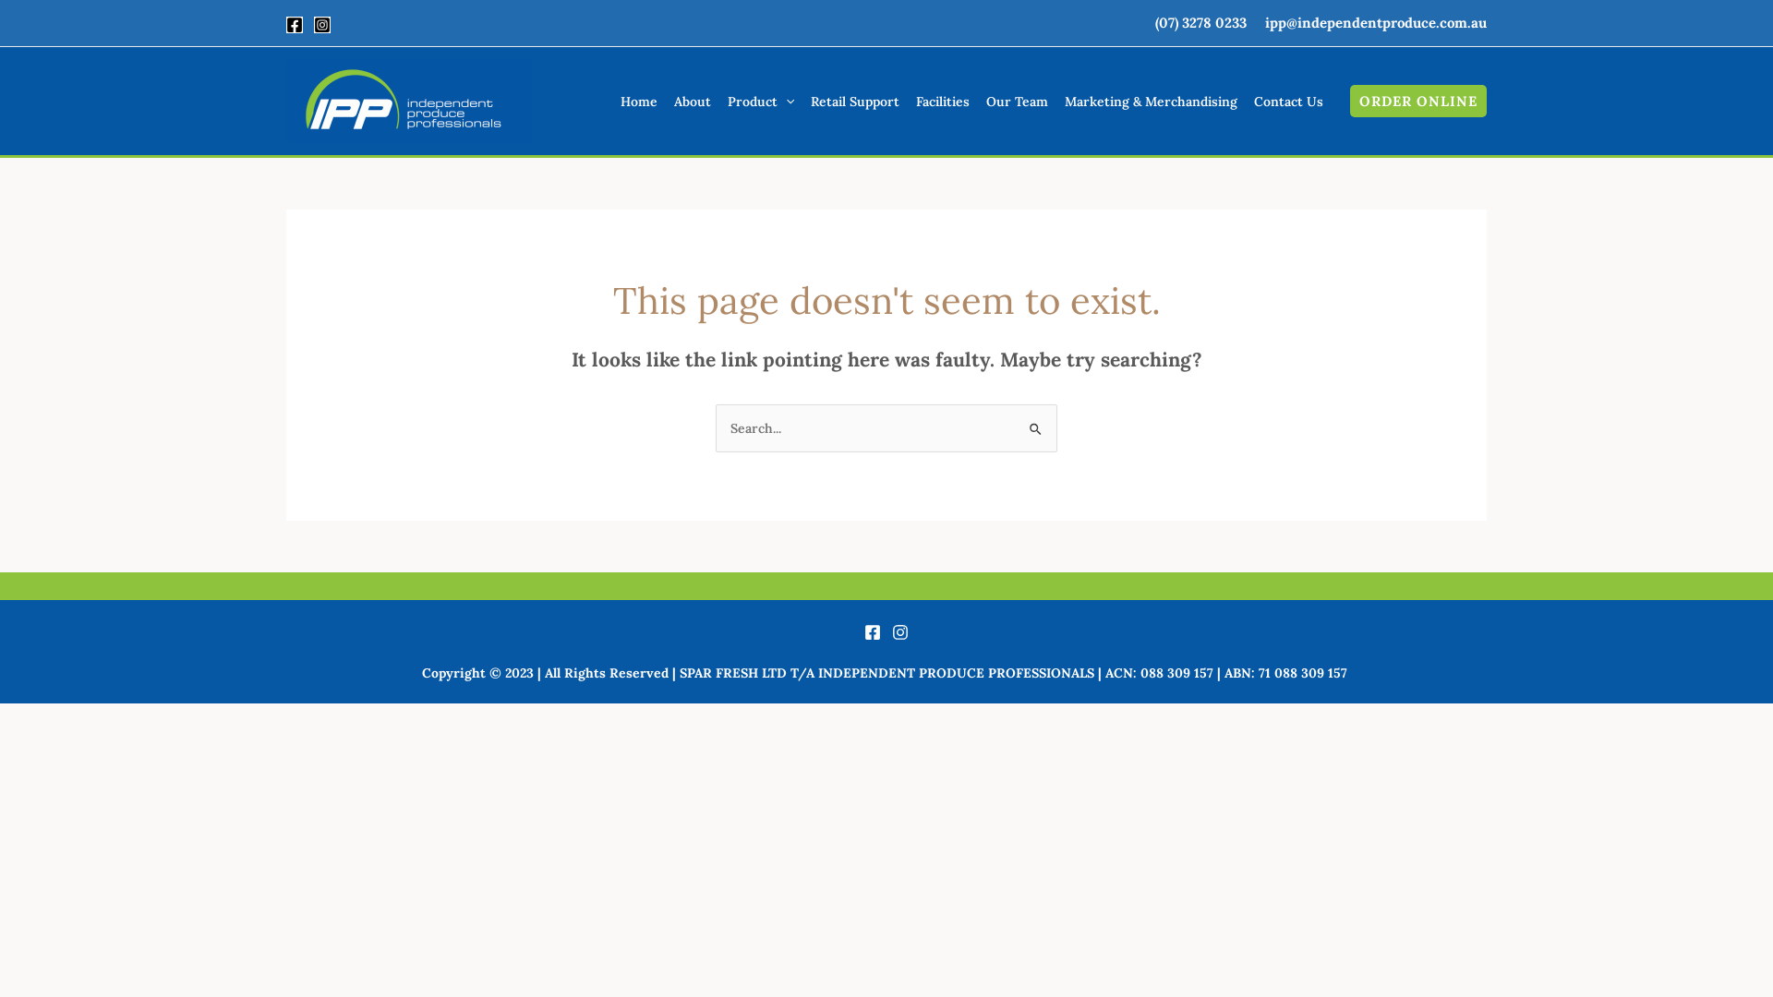 This screenshot has height=997, width=1773. What do you see at coordinates (1055, 102) in the screenshot?
I see `'Marketing & Merchandising'` at bounding box center [1055, 102].